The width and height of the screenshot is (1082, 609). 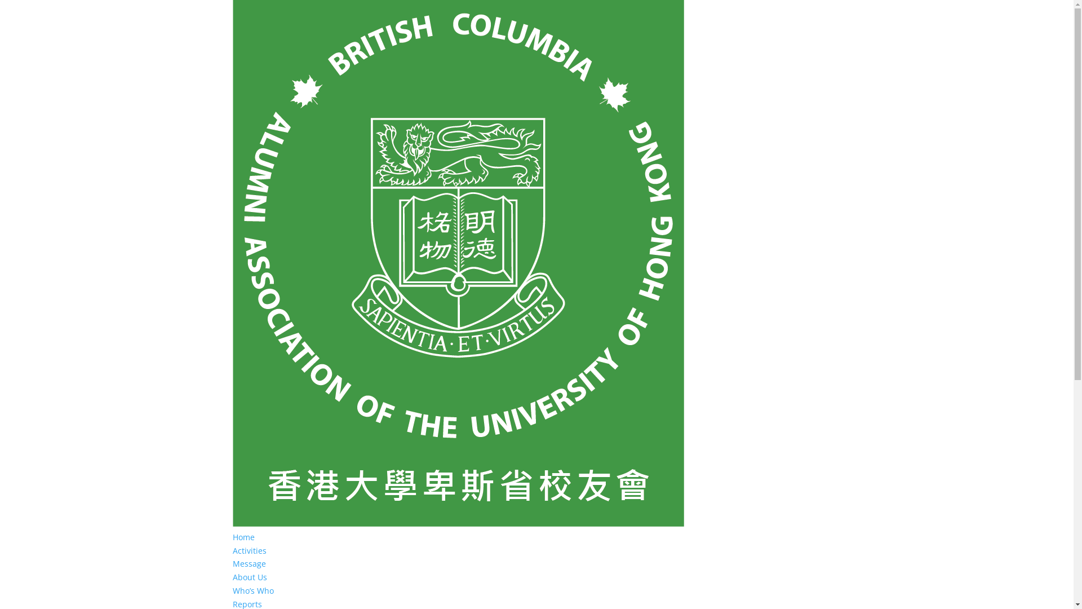 What do you see at coordinates (232, 563) in the screenshot?
I see `'Message'` at bounding box center [232, 563].